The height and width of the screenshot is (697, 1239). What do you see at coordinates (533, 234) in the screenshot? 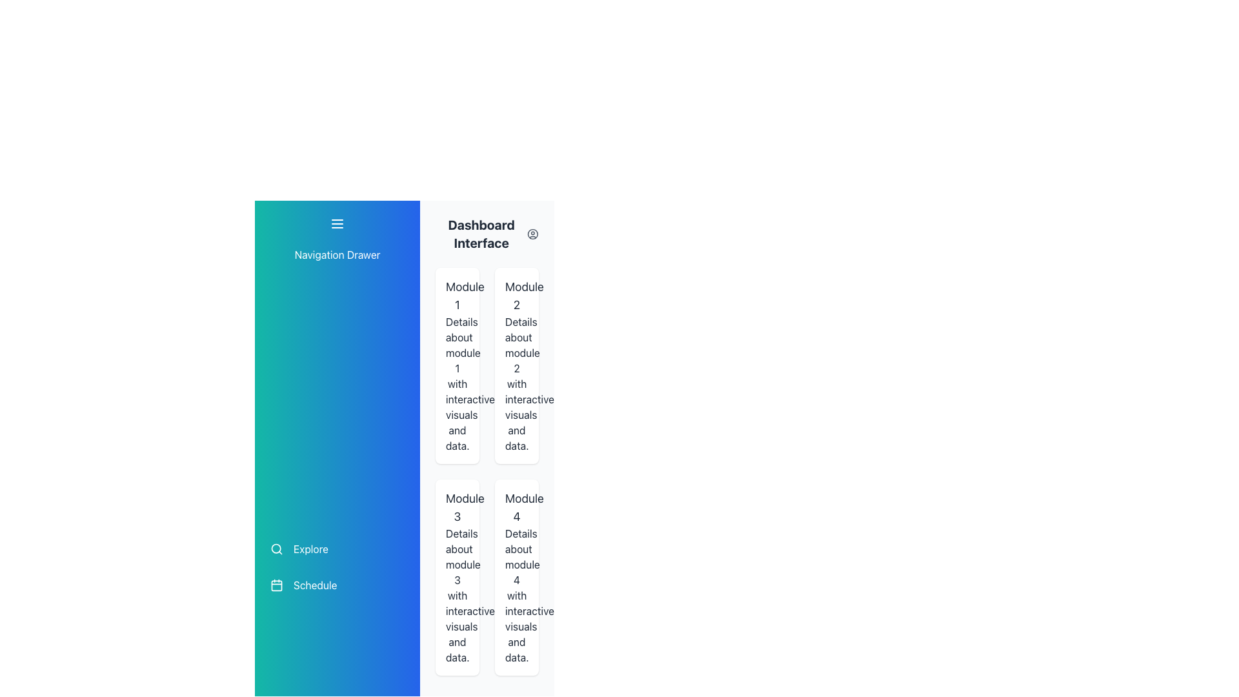
I see `the user profile icon, which is a circular avatar with a gradient-shaded outline located on the rightmost side of the 'Dashboard Interface' header` at bounding box center [533, 234].